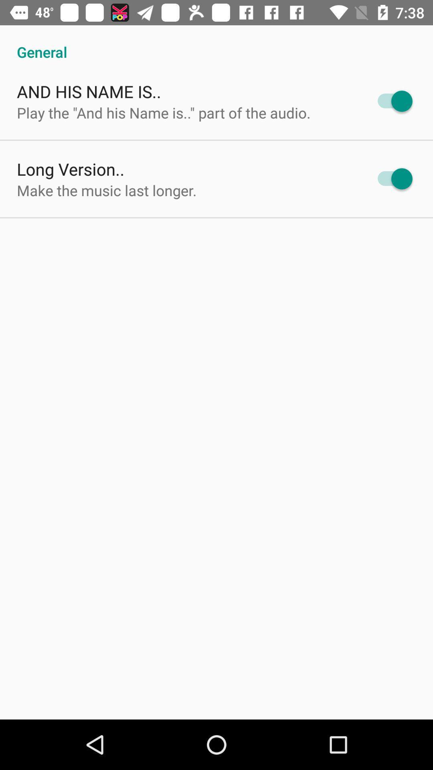 The image size is (433, 770). What do you see at coordinates (163, 112) in the screenshot?
I see `the icon below the and his name` at bounding box center [163, 112].